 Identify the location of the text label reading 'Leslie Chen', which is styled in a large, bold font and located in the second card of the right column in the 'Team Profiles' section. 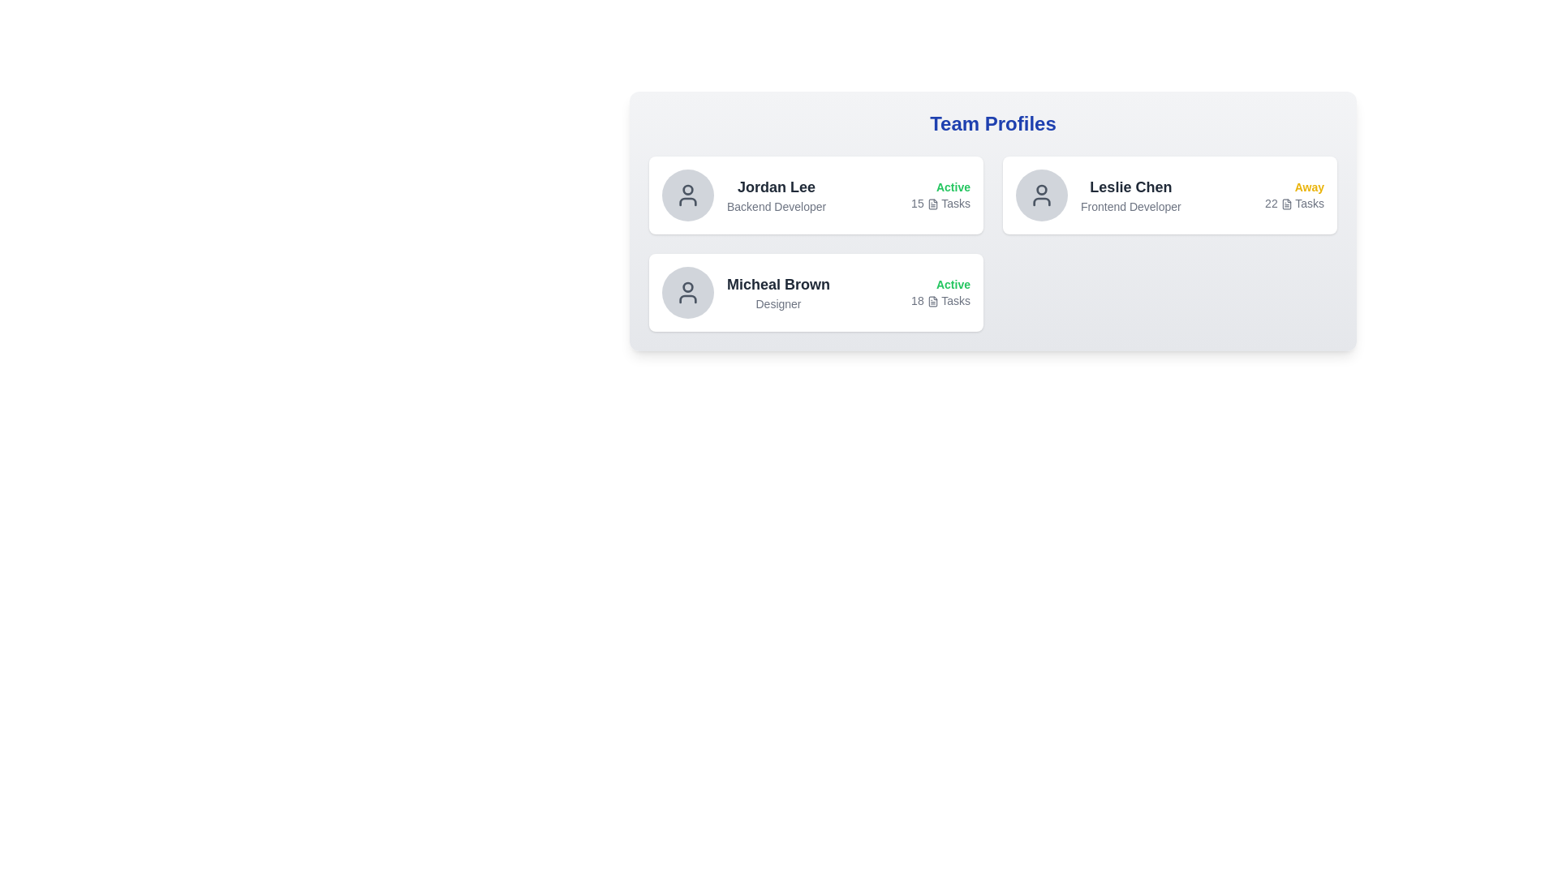
(1130, 187).